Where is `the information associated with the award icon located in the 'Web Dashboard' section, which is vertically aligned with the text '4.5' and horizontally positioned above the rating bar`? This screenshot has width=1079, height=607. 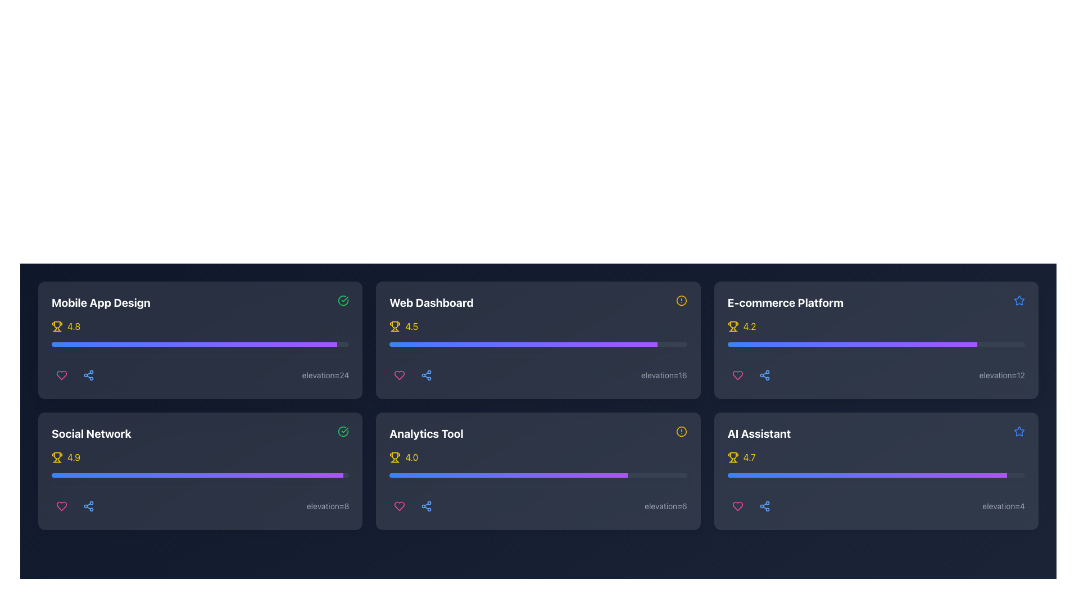 the information associated with the award icon located in the 'Web Dashboard' section, which is vertically aligned with the text '4.5' and horizontally positioned above the rating bar is located at coordinates (395, 327).